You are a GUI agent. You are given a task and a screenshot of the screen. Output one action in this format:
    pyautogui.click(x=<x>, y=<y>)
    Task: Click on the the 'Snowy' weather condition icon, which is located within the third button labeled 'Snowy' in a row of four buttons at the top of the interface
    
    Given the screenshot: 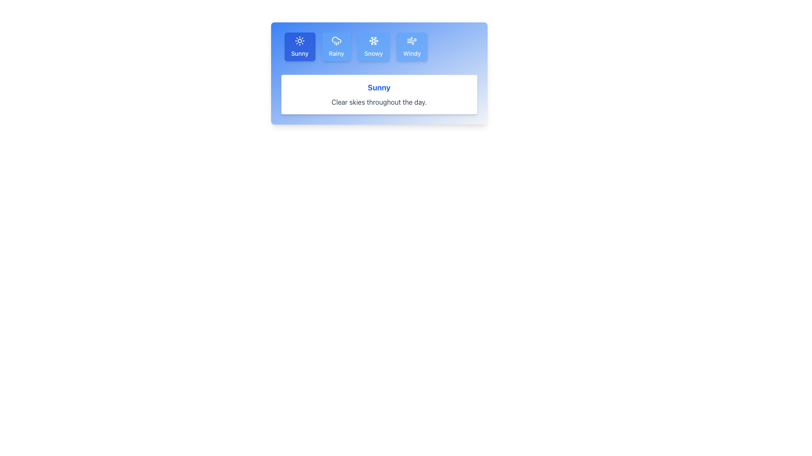 What is the action you would take?
    pyautogui.click(x=373, y=41)
    